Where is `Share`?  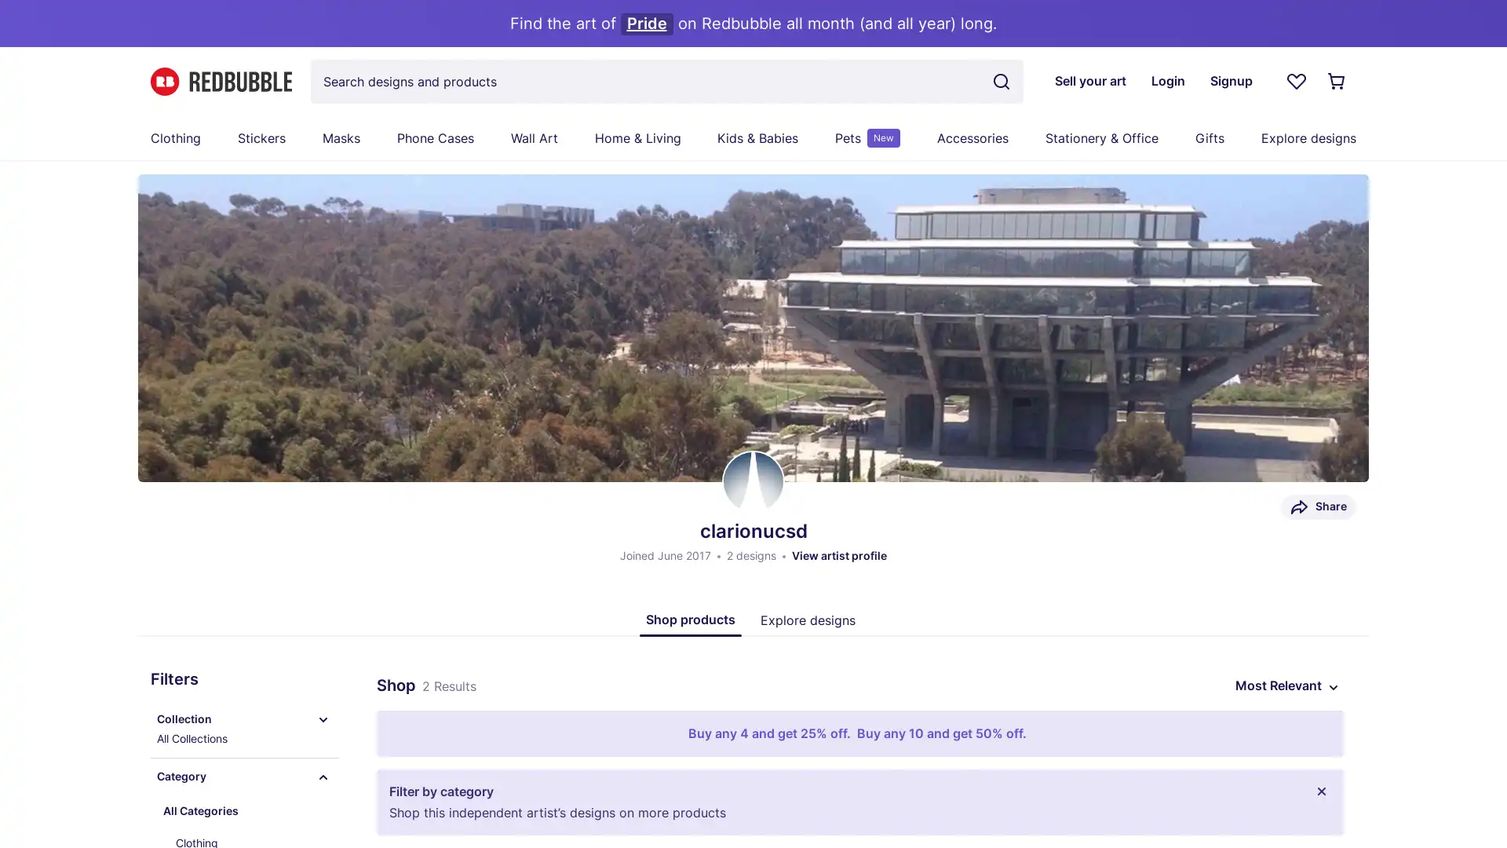 Share is located at coordinates (1319, 506).